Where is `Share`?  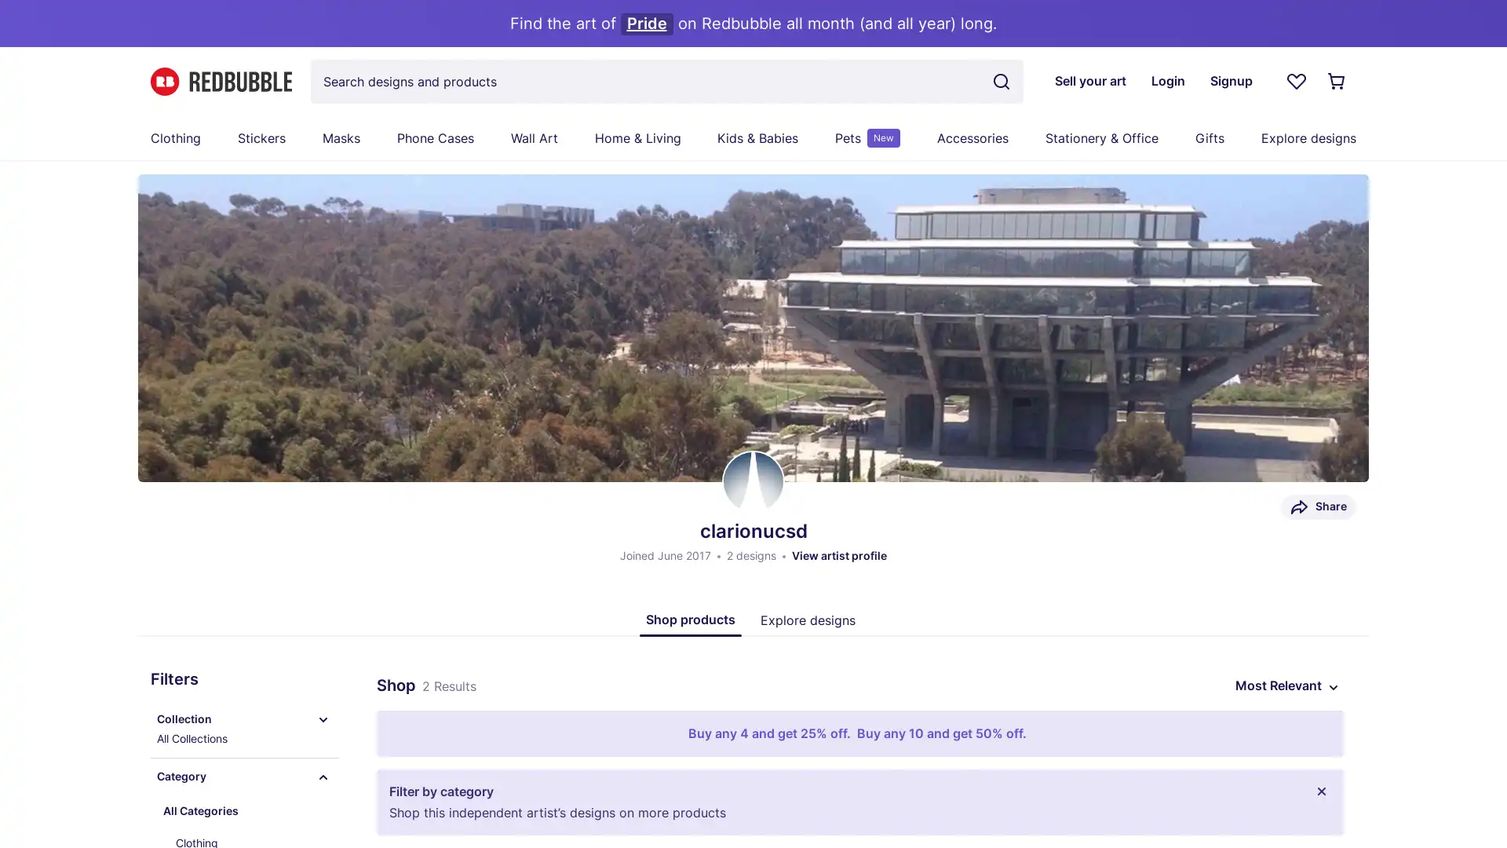 Share is located at coordinates (1319, 506).